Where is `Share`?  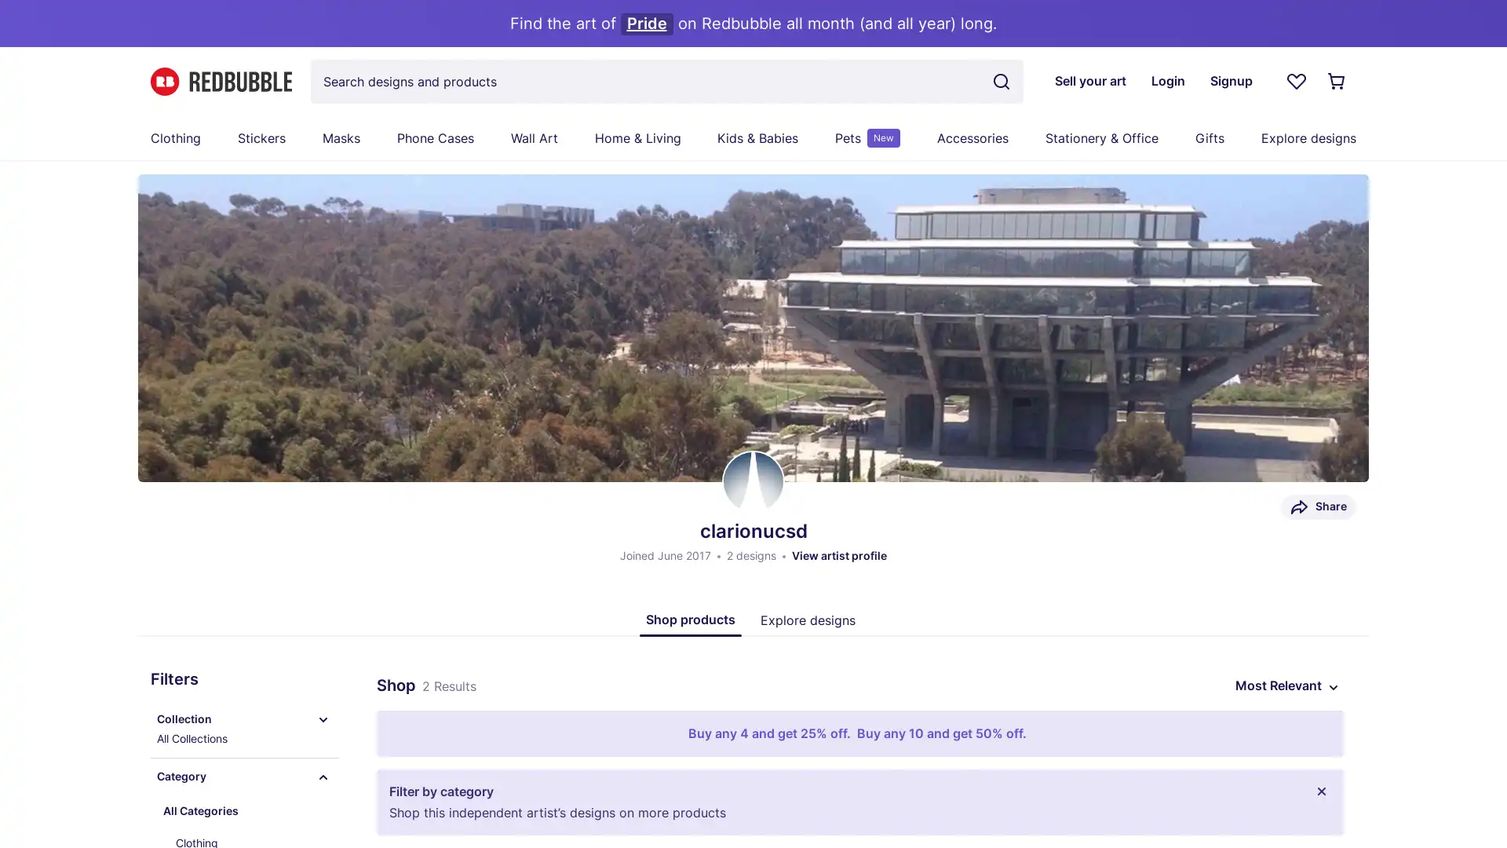 Share is located at coordinates (1319, 506).